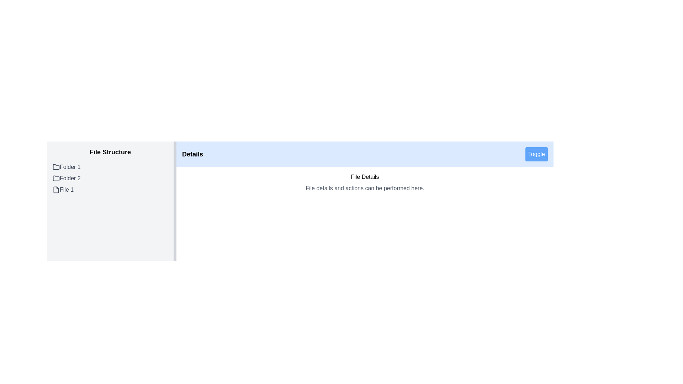  I want to click on the folder icon, which is an outlined folder shape in a minimalist style, located to the left of the text 'Folder 2' under 'File Structure', so click(56, 178).